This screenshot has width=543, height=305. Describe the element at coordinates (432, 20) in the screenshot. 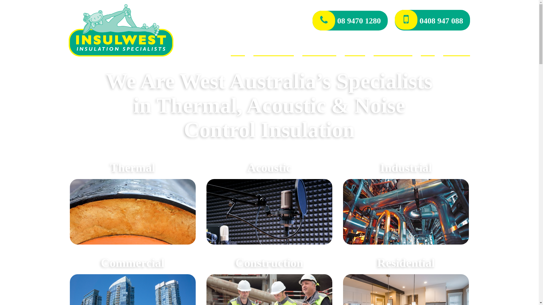

I see `'0408 947 088'` at that location.